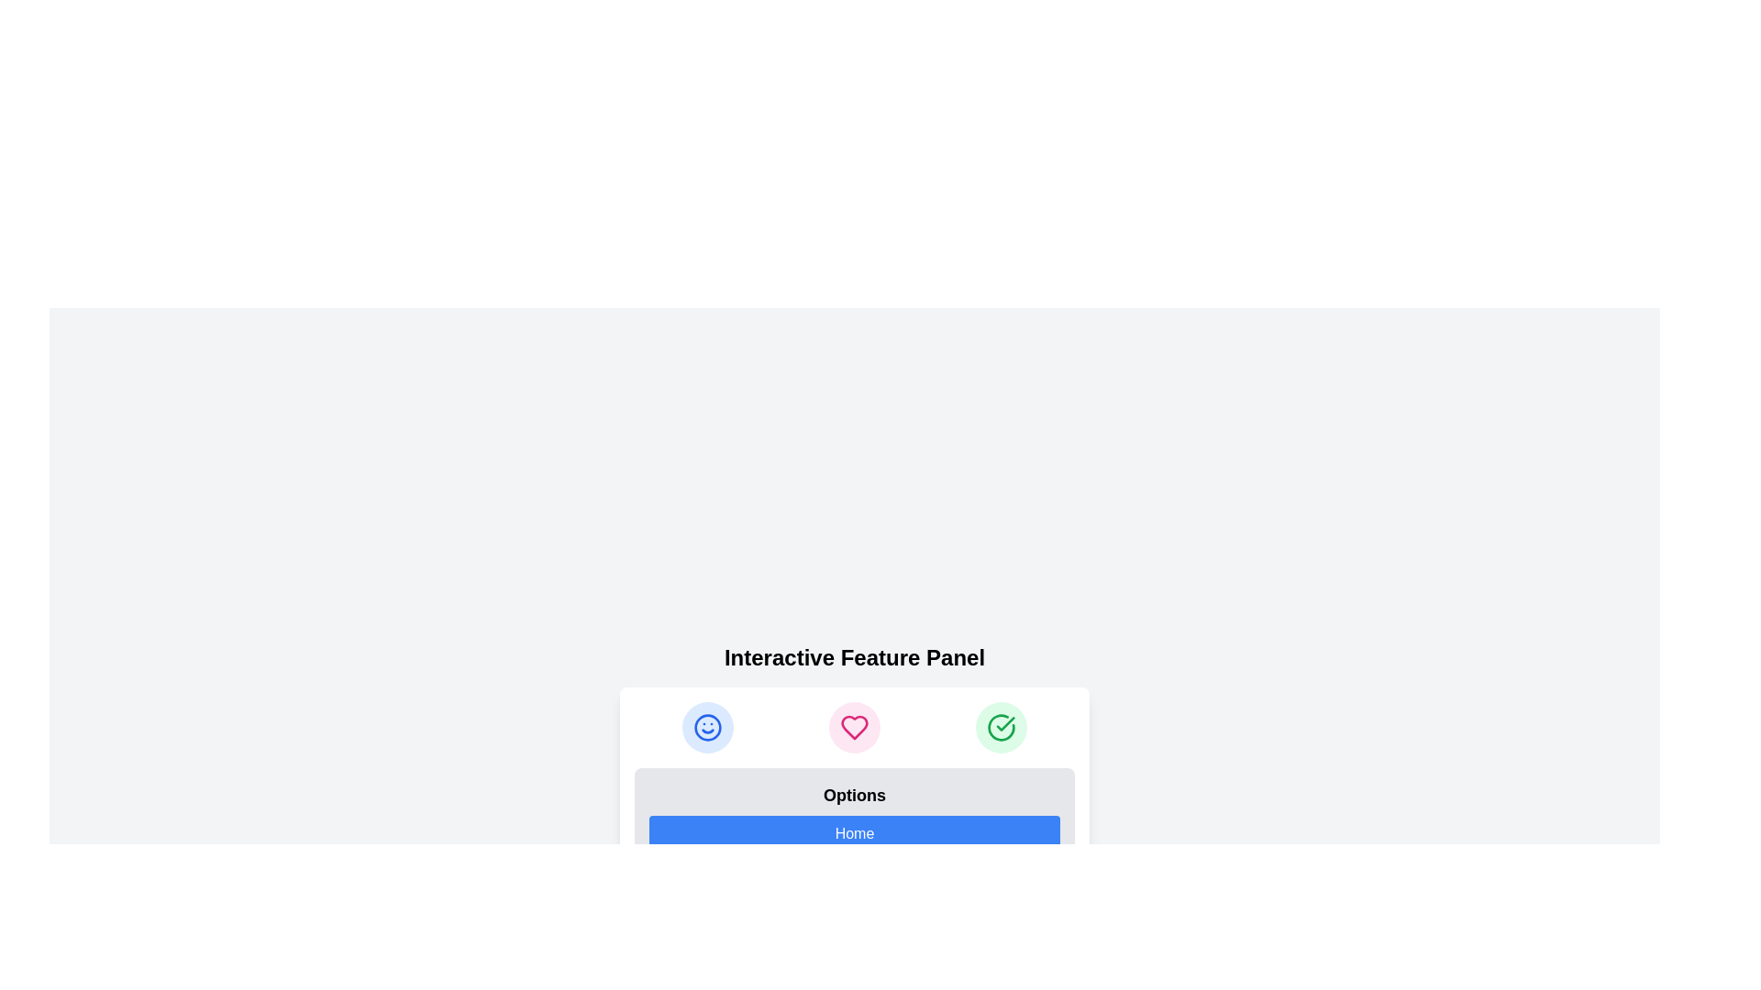 The height and width of the screenshot is (990, 1761). I want to click on the circular icon with a green checkmark in its center, which is the third icon in a horizontal row at the top of the interactive feature panel, so click(1000, 727).